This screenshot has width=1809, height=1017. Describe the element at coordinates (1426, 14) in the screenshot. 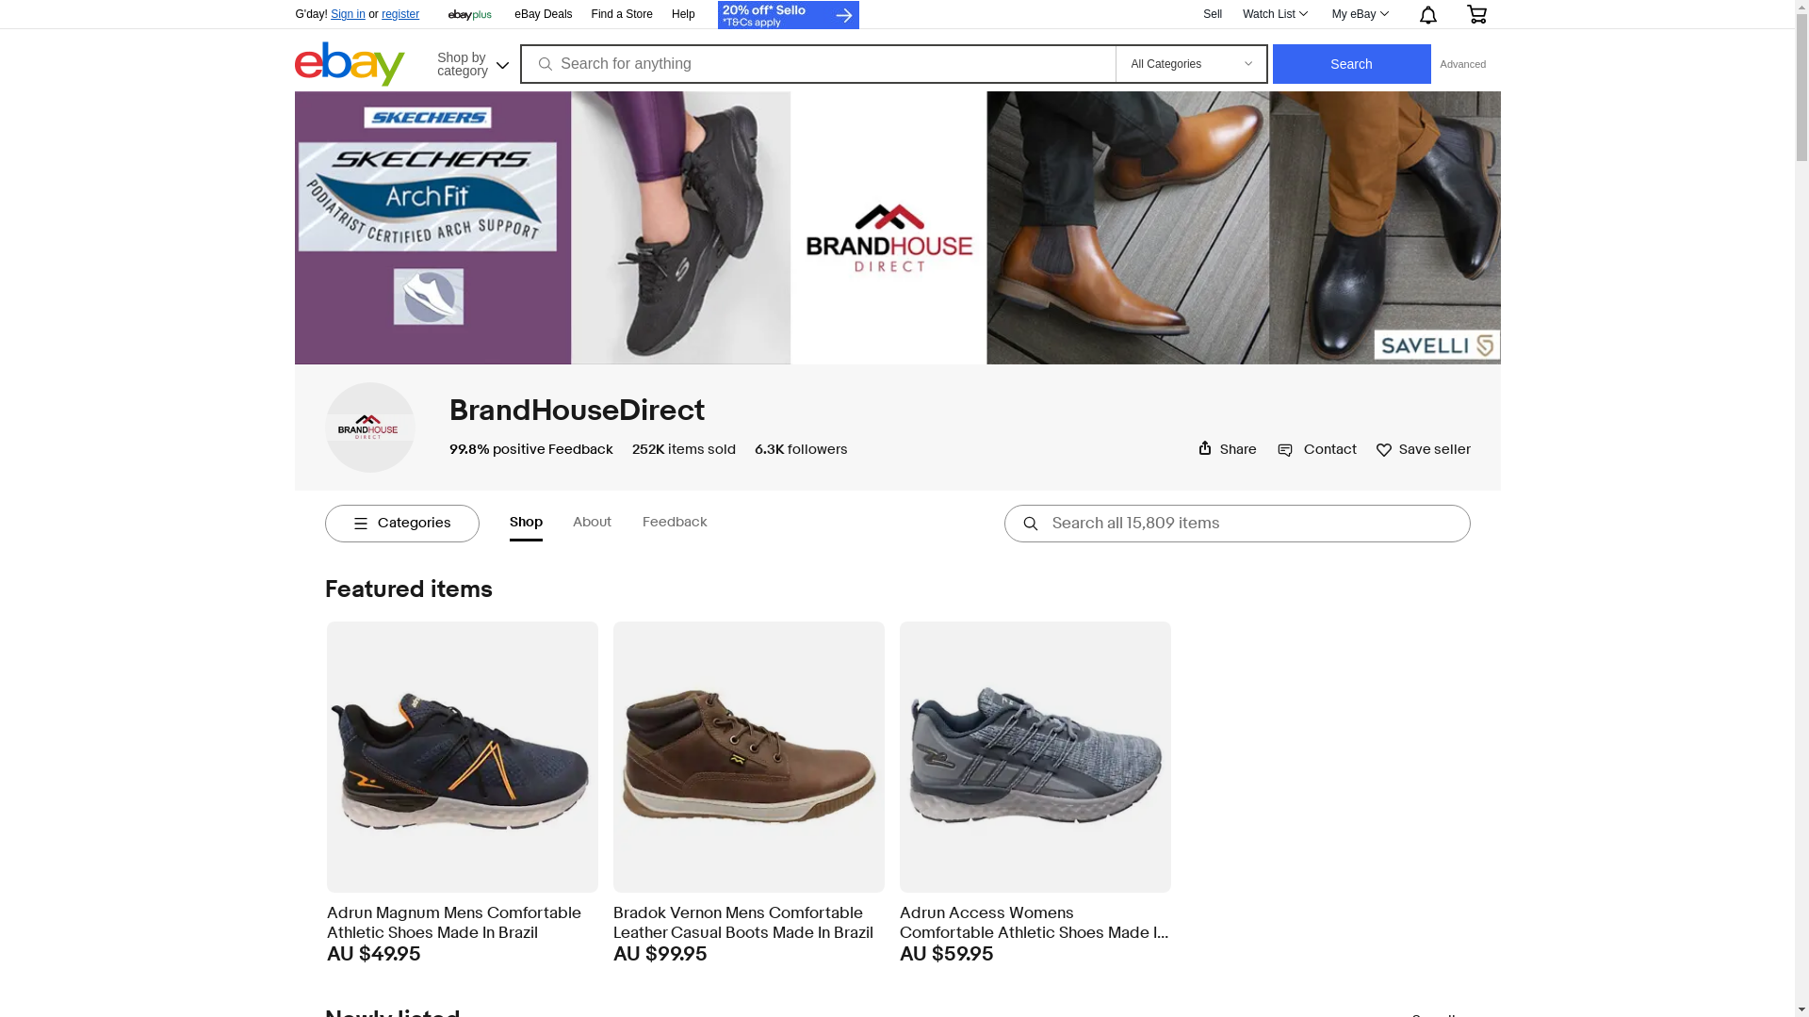

I see `'Notification'` at that location.